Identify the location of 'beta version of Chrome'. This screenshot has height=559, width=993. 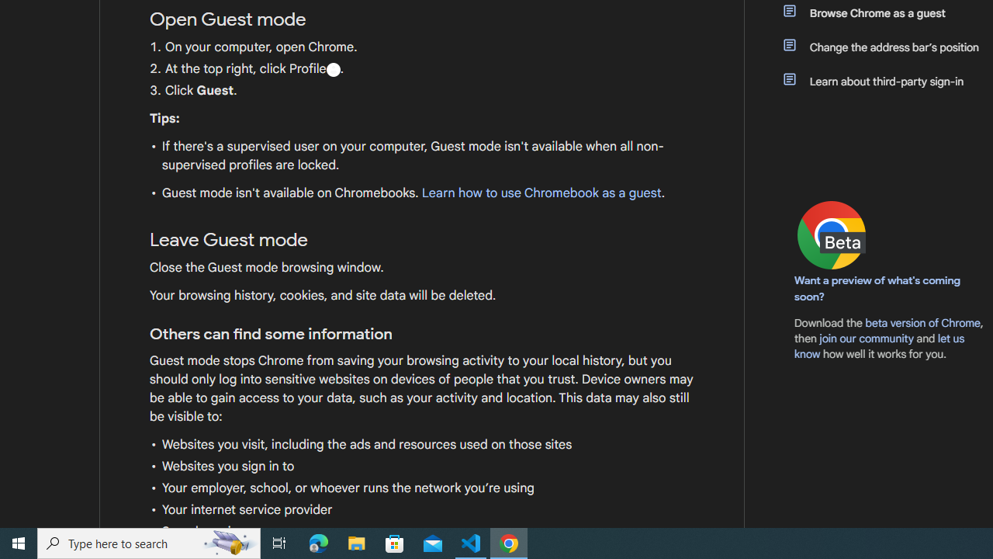
(922, 321).